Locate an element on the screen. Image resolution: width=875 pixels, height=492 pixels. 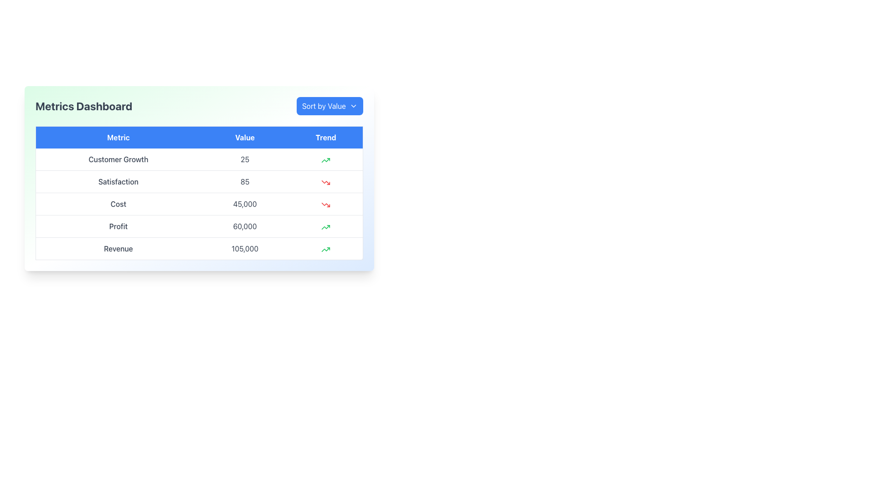
the numeric string '105,000' in the fifth row of the 'Revenue' table under the 'Value' column is located at coordinates (245, 249).